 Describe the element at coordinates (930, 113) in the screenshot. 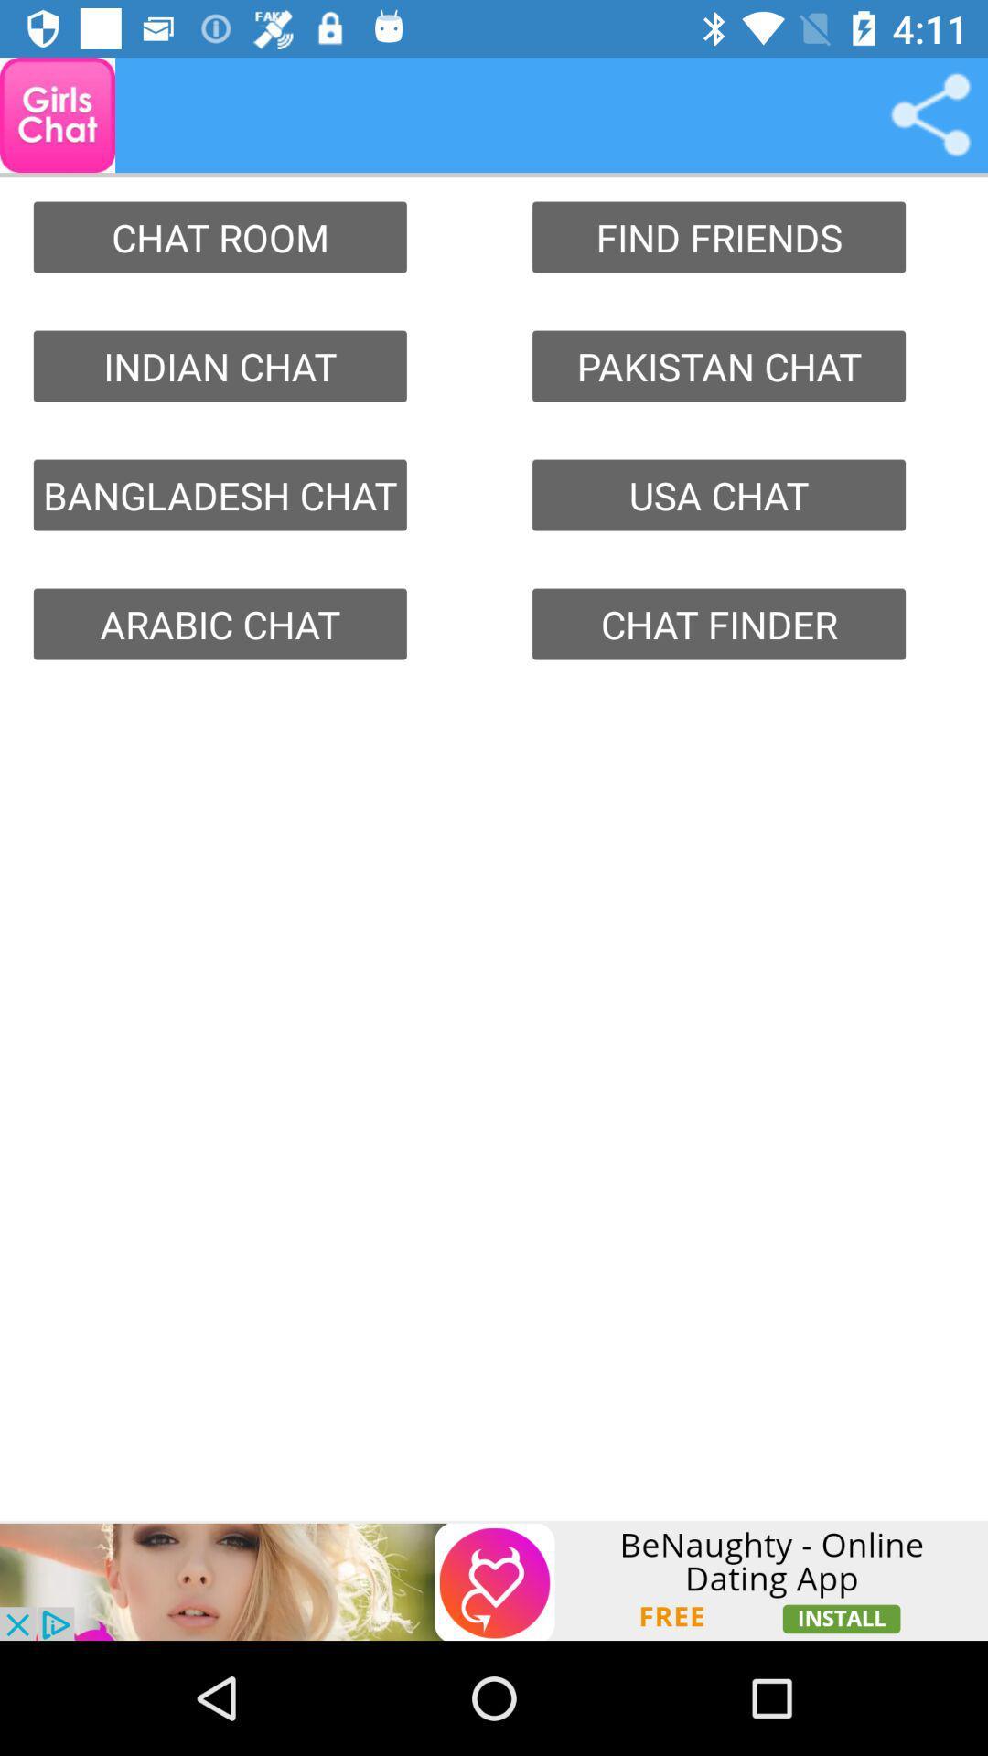

I see `more option button` at that location.